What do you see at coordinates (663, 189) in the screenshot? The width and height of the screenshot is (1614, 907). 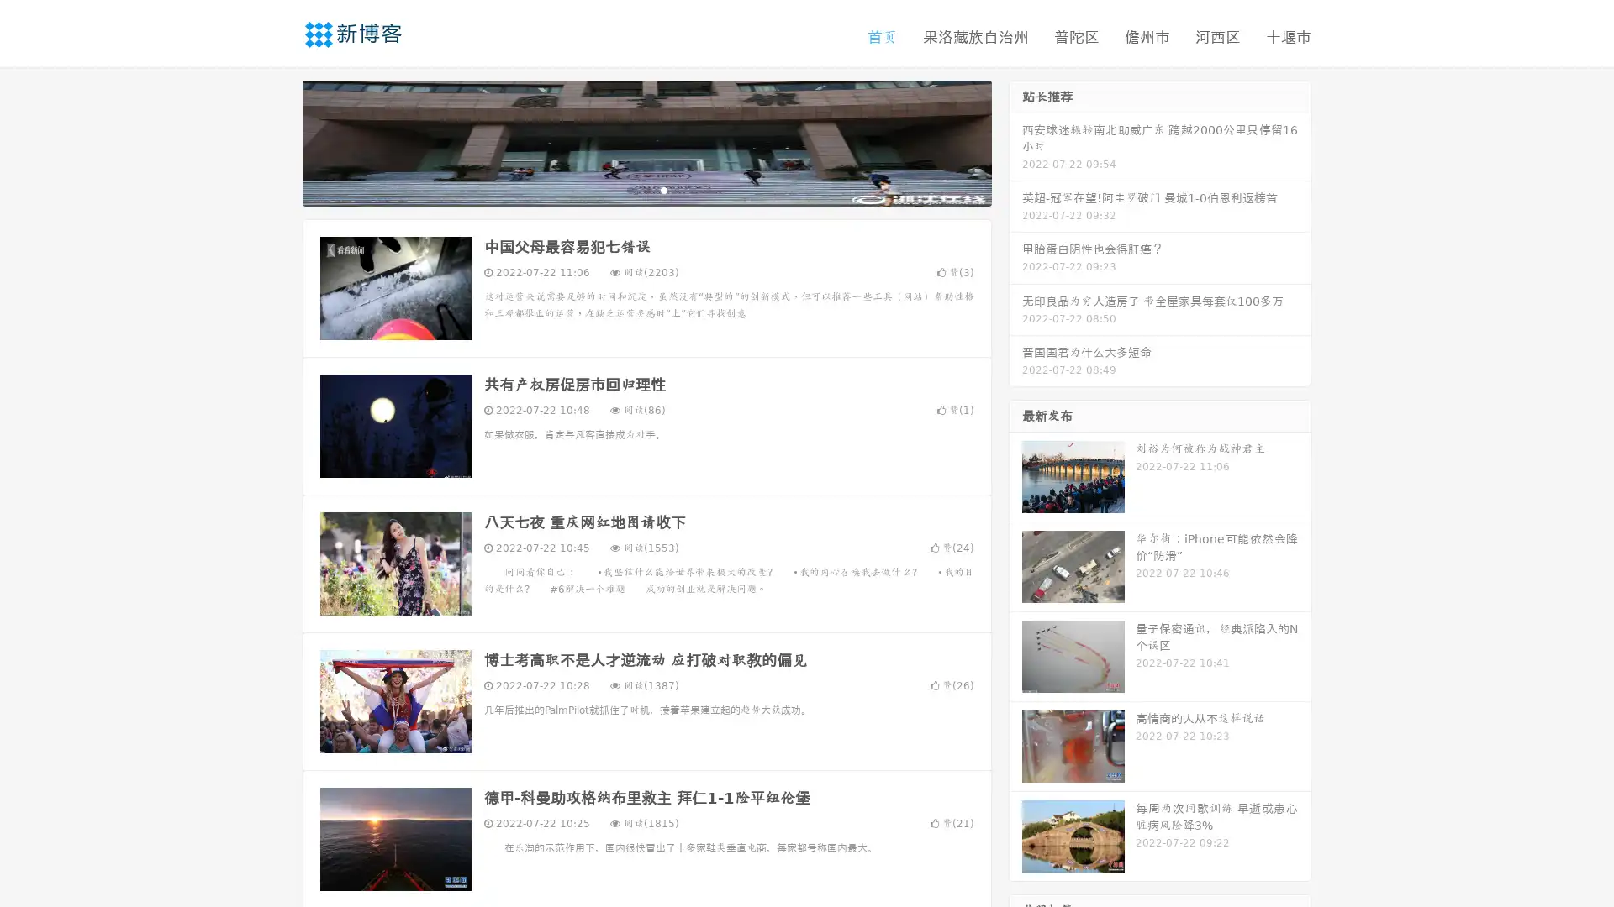 I see `Go to slide 3` at bounding box center [663, 189].